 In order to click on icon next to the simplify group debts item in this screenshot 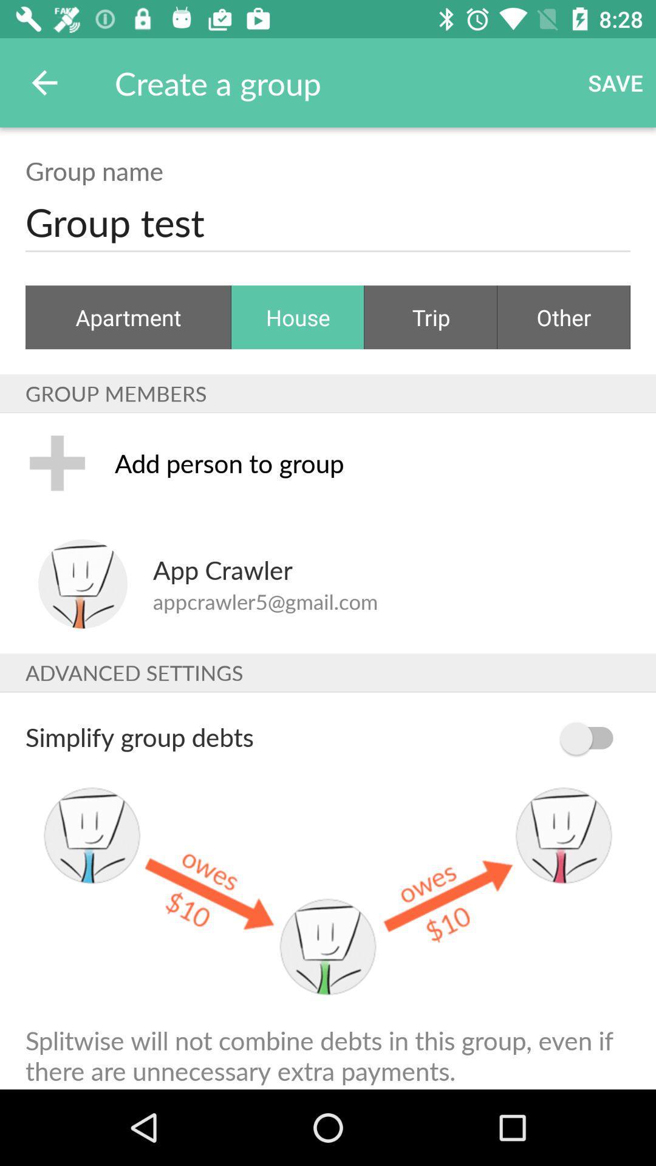, I will do `click(592, 738)`.